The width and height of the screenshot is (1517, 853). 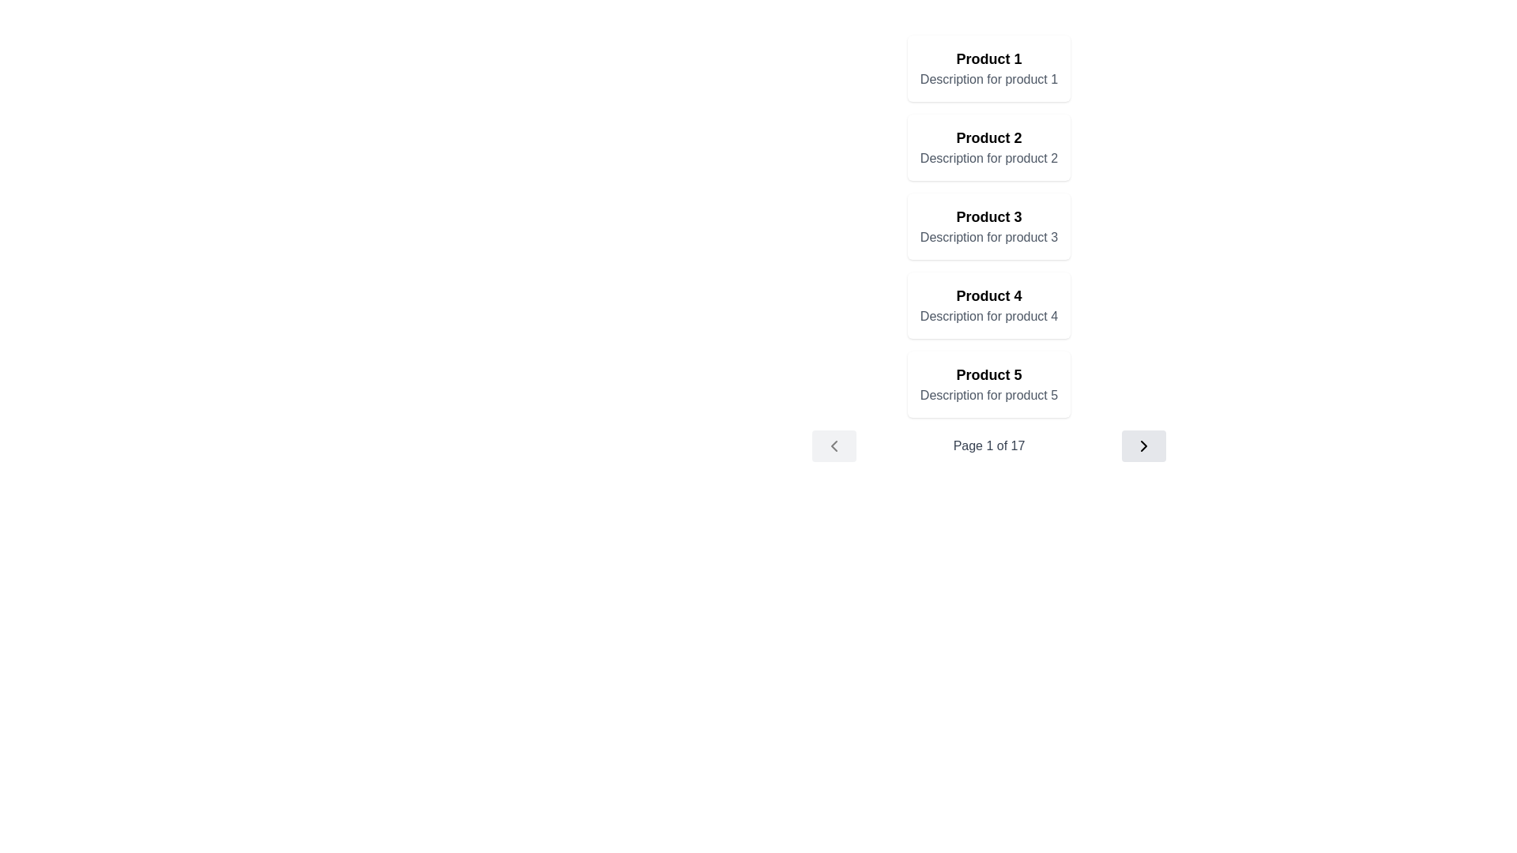 What do you see at coordinates (834, 445) in the screenshot?
I see `the button that allows users to navigate to the previous set of items or page, located to the left of the text 'Page 1 of 17'` at bounding box center [834, 445].